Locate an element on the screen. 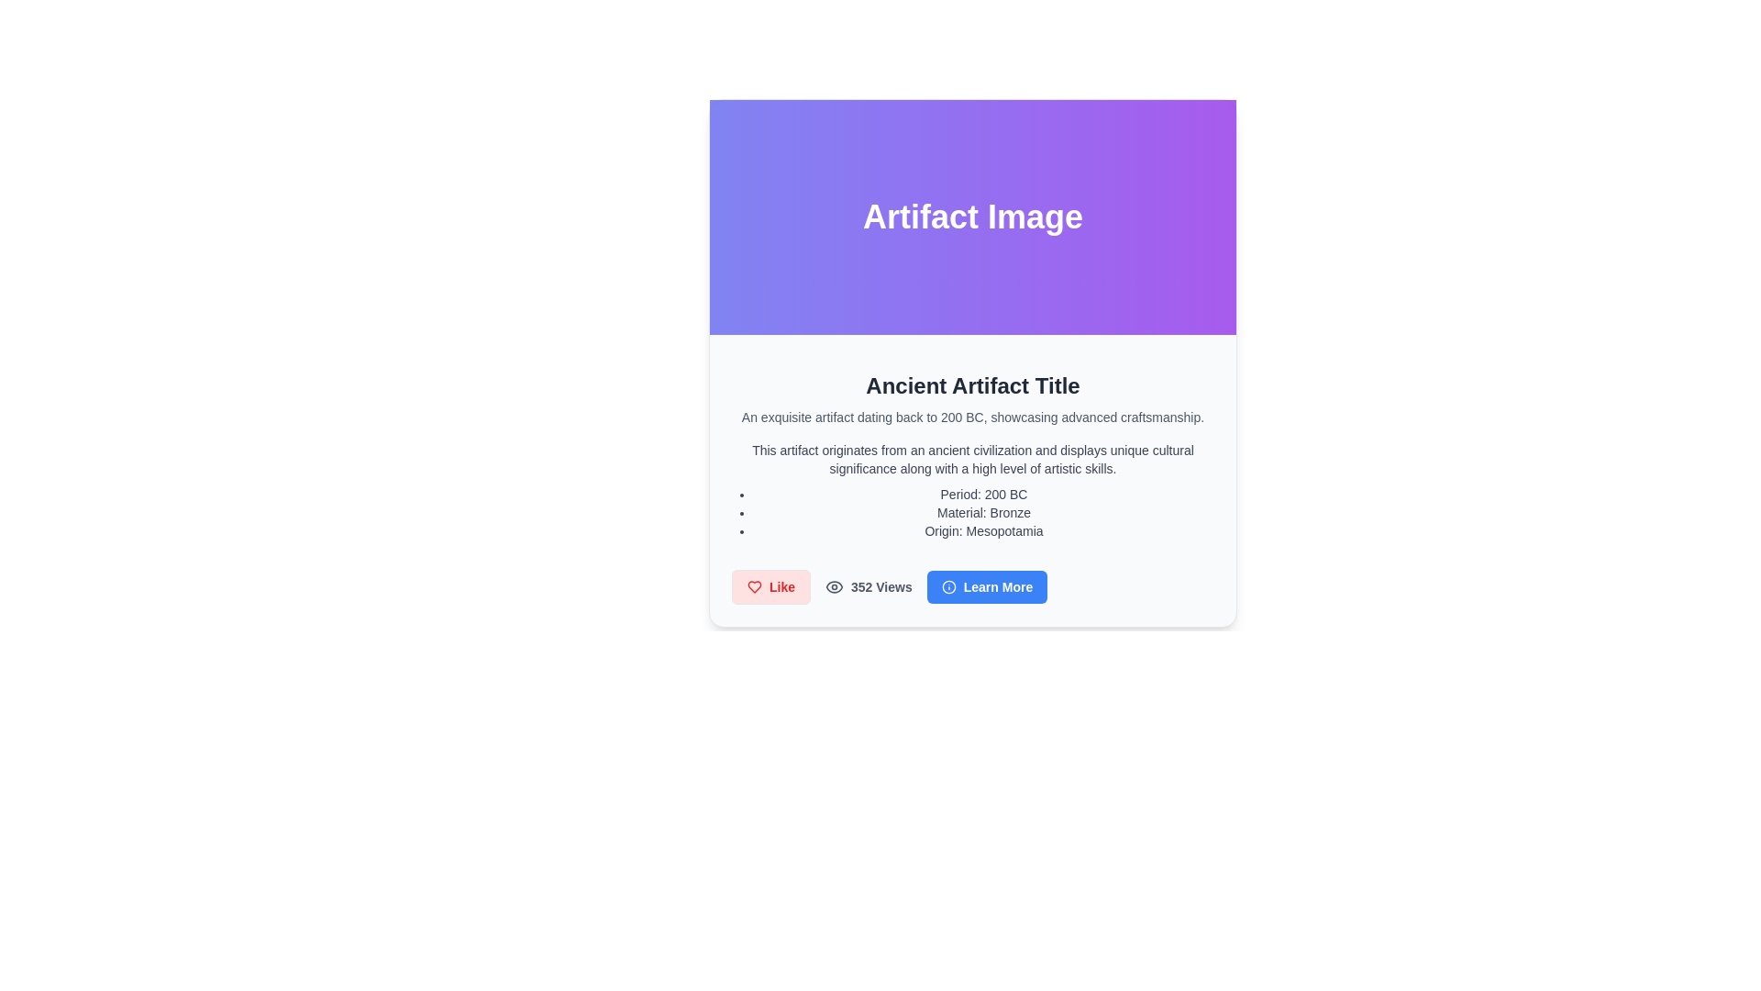 The height and width of the screenshot is (991, 1761). the 'like' SVG icon, which is a heart shape located adjacent to the text 'Like' at the bottom left section of the interface is located at coordinates (754, 587).